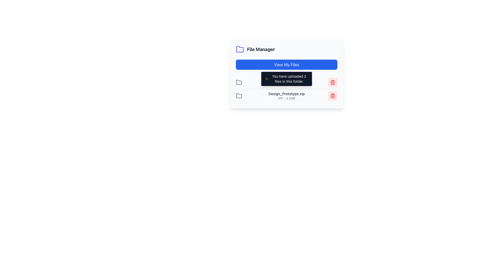  I want to click on the details of the file entry for 'Design_Prototype.zip' by reading the text displayed in the file manager, so click(286, 96).